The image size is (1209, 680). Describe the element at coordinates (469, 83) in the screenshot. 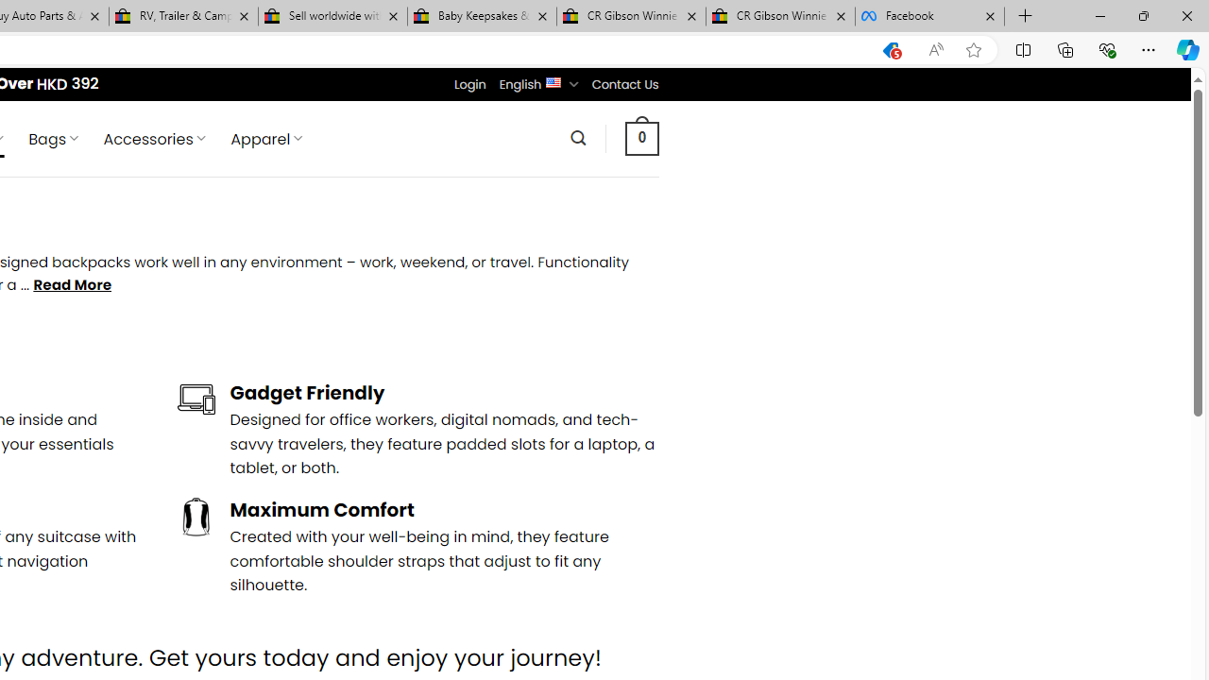

I see `'Login'` at that location.